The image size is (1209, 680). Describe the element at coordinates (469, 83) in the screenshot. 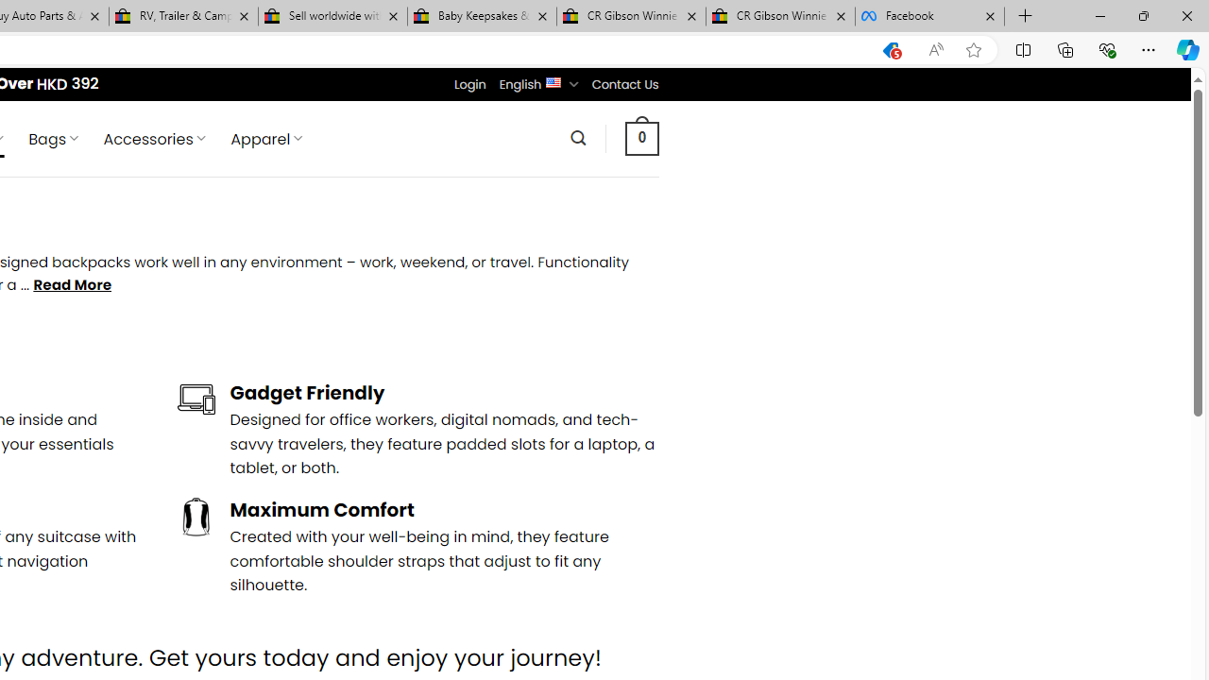

I see `'Login'` at that location.